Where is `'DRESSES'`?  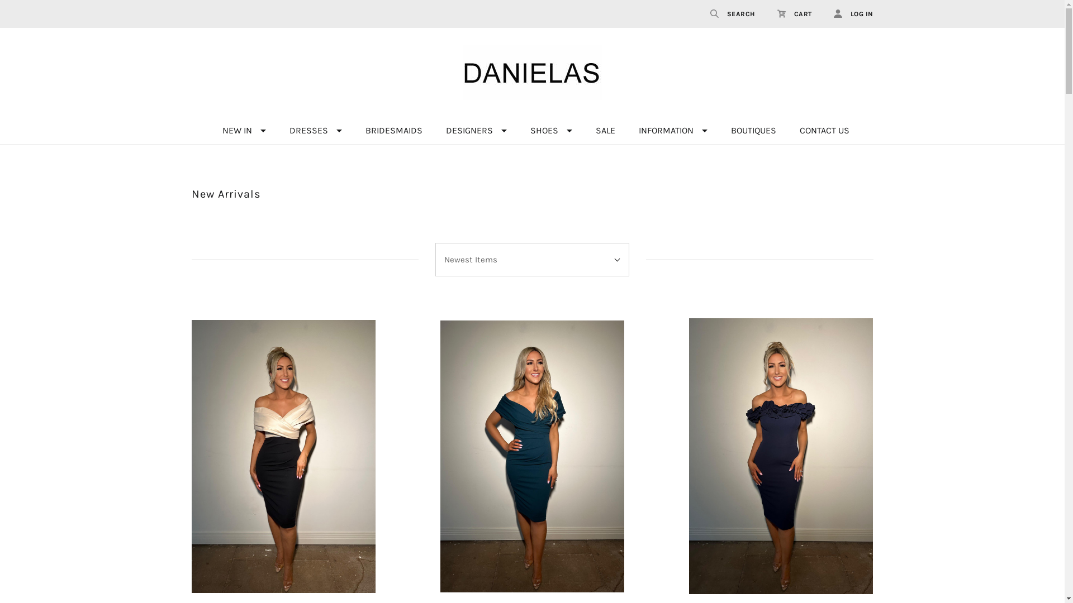
'DRESSES' is located at coordinates (315, 130).